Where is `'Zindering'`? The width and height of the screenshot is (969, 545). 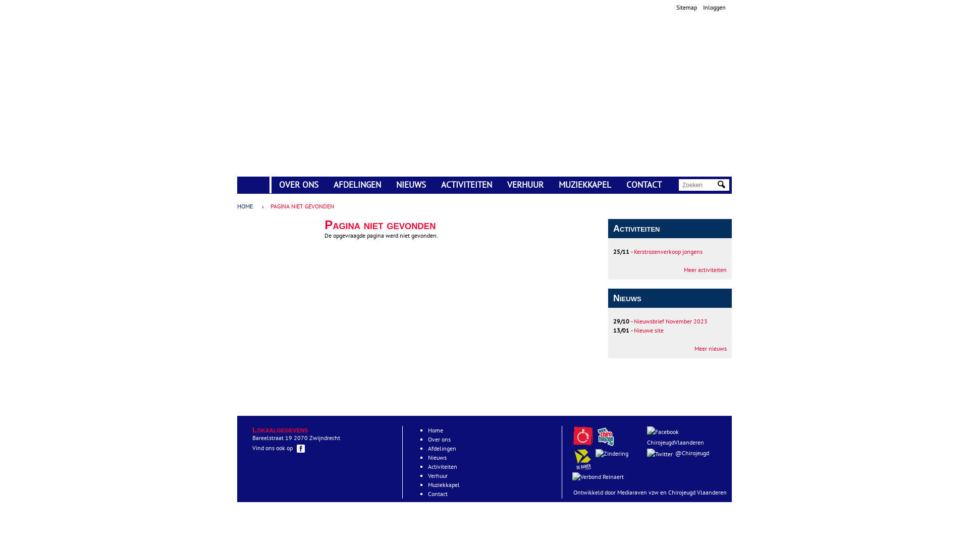
'Zindering' is located at coordinates (612, 453).